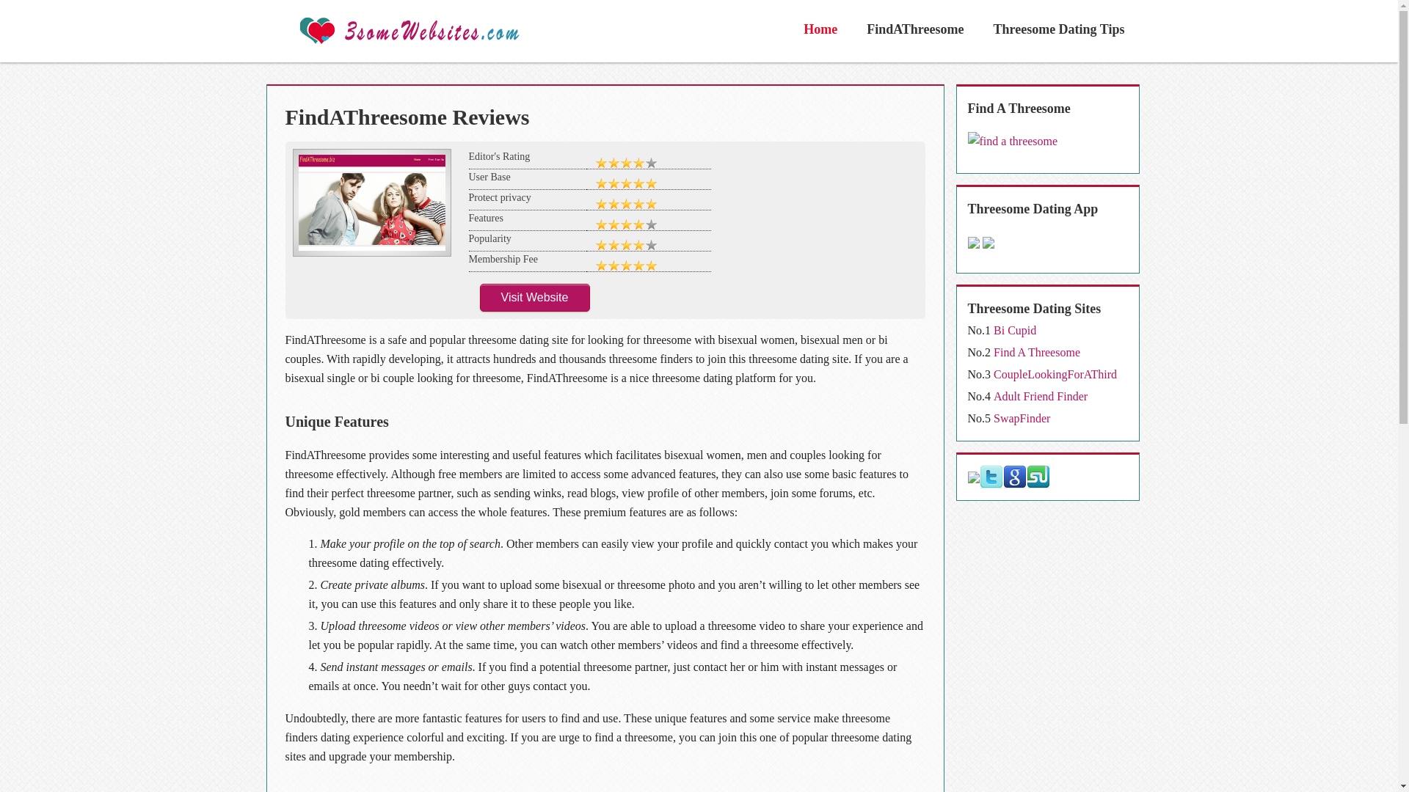 The image size is (1409, 792). Describe the element at coordinates (1013, 330) in the screenshot. I see `'Bi Cupid'` at that location.